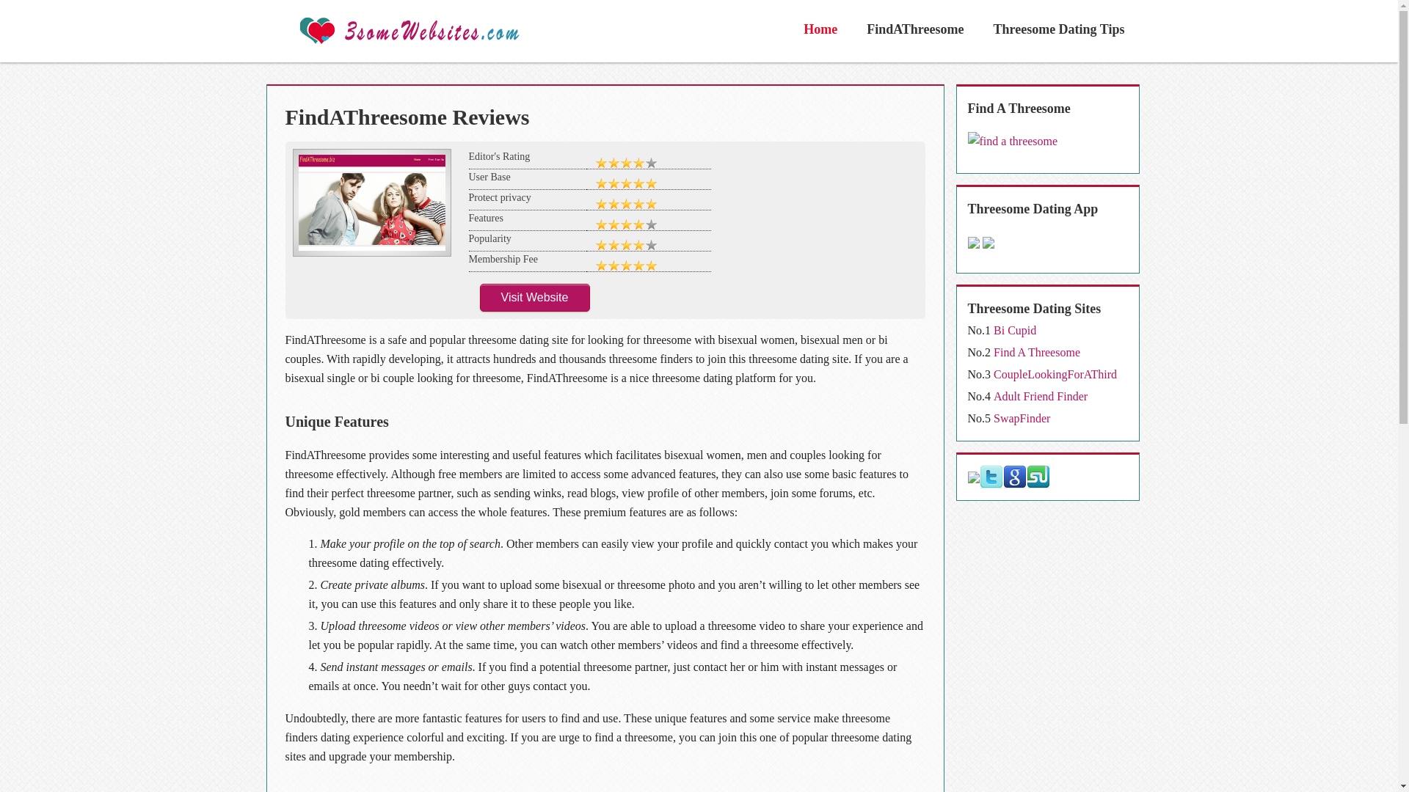 The image size is (1409, 792). Describe the element at coordinates (1013, 330) in the screenshot. I see `'Bi Cupid'` at that location.